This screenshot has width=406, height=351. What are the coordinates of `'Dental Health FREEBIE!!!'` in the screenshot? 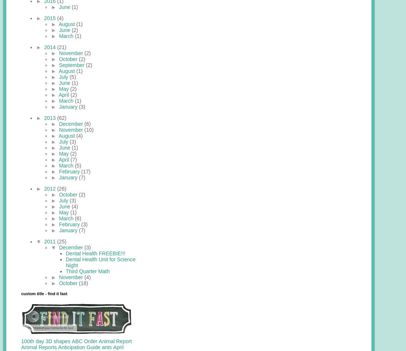 It's located at (95, 253).